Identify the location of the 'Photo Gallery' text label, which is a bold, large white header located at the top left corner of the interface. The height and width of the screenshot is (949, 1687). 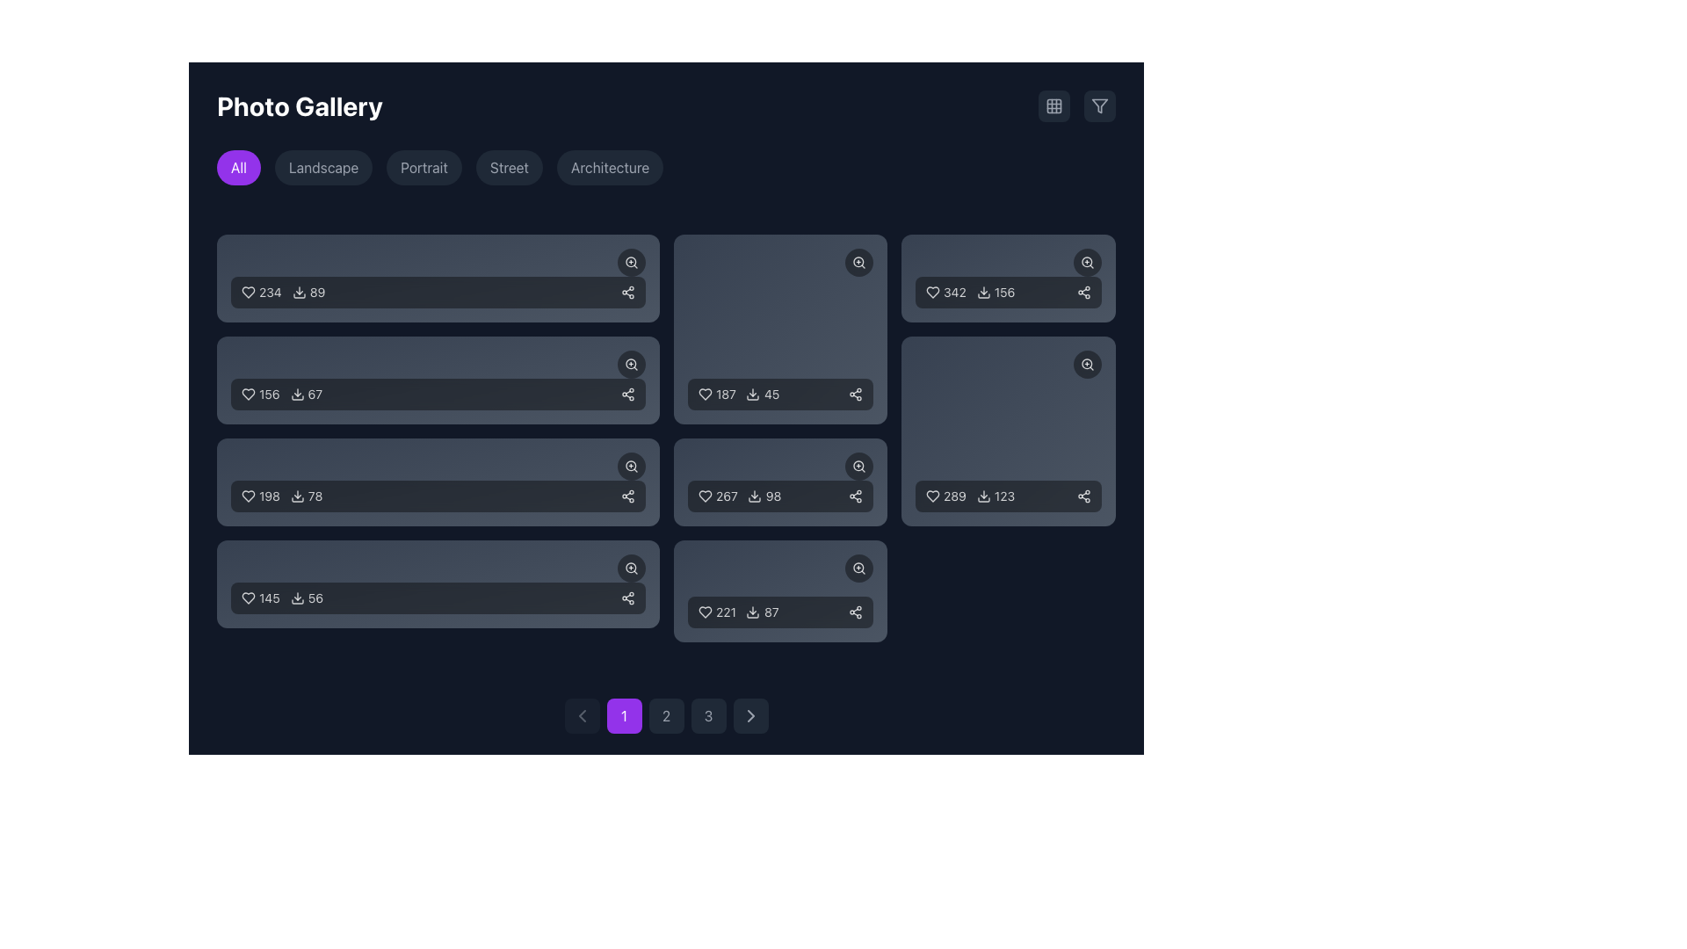
(300, 105).